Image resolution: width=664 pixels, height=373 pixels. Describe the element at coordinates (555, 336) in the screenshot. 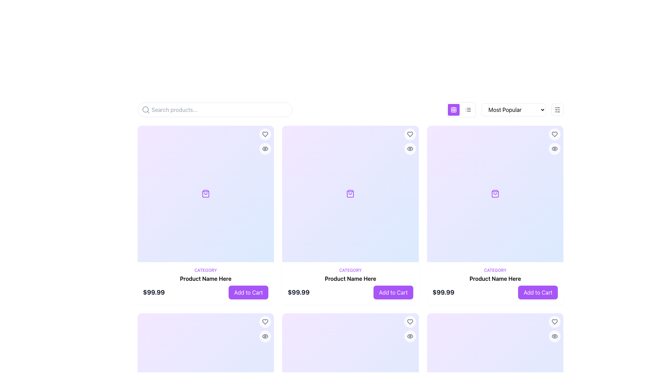

I see `keyboard navigation` at that location.